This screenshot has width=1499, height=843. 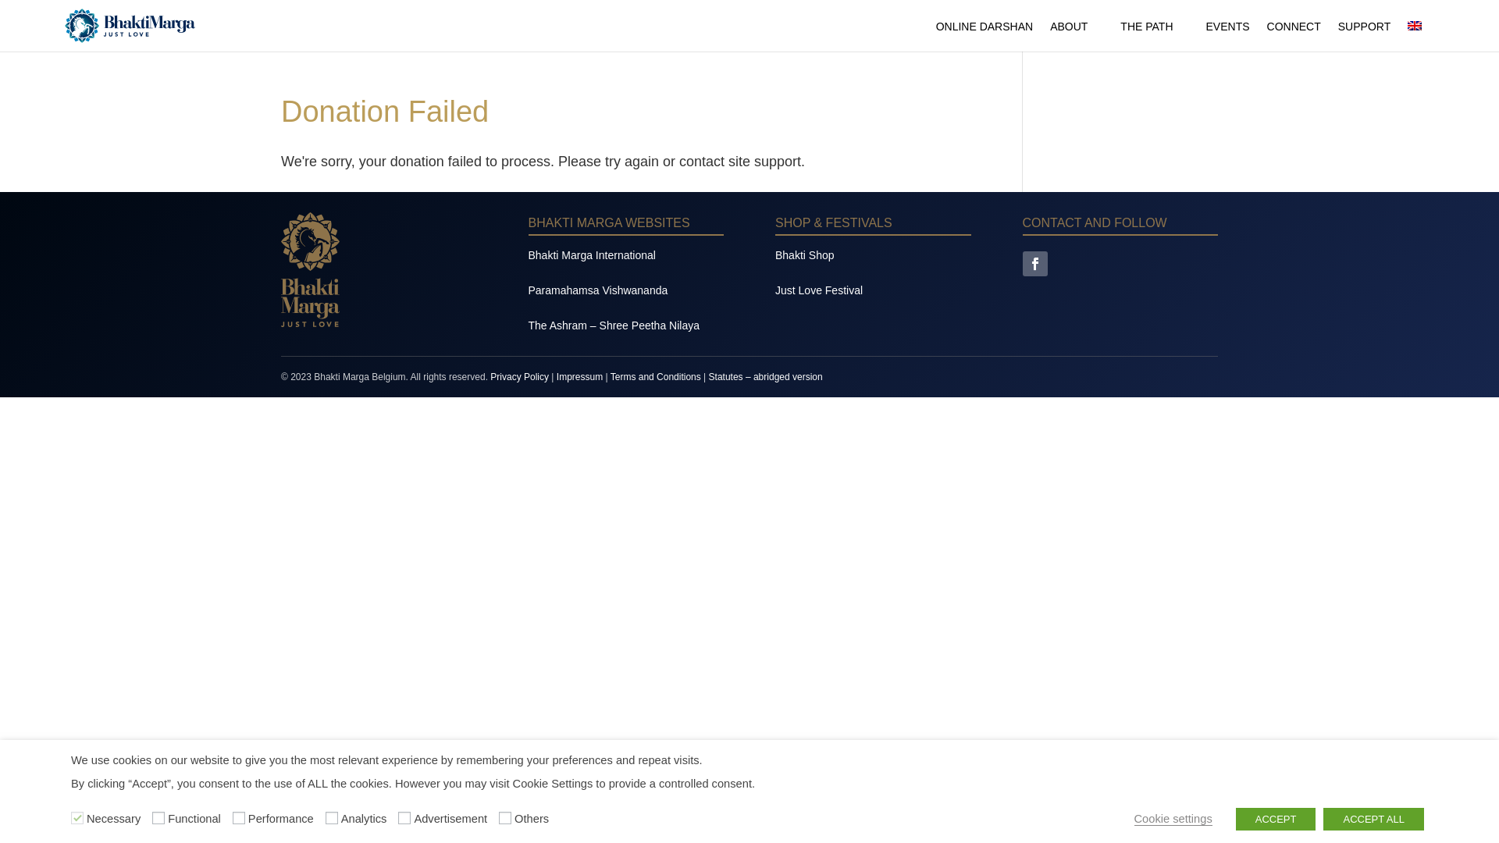 I want to click on 'Impressum', so click(x=579, y=376).